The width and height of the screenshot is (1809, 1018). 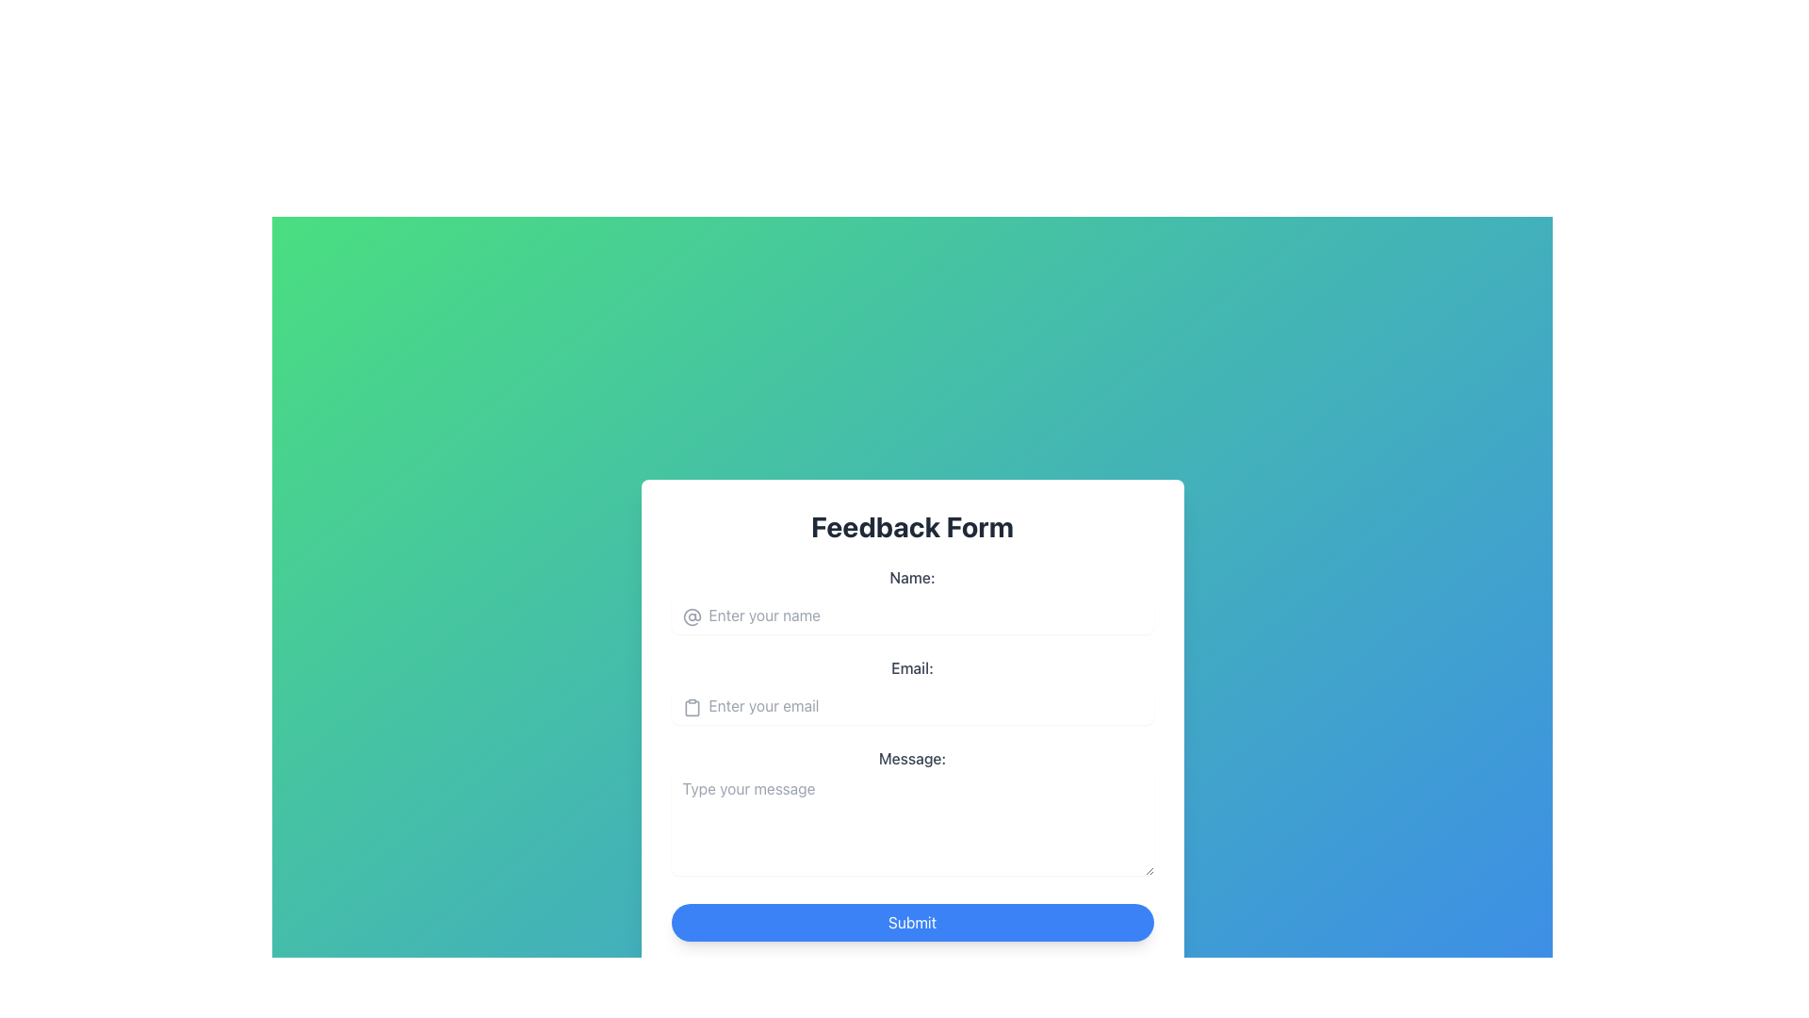 I want to click on the Text Label that guides users to enter a message, positioned above the 'Type your message' input field, so click(x=912, y=758).